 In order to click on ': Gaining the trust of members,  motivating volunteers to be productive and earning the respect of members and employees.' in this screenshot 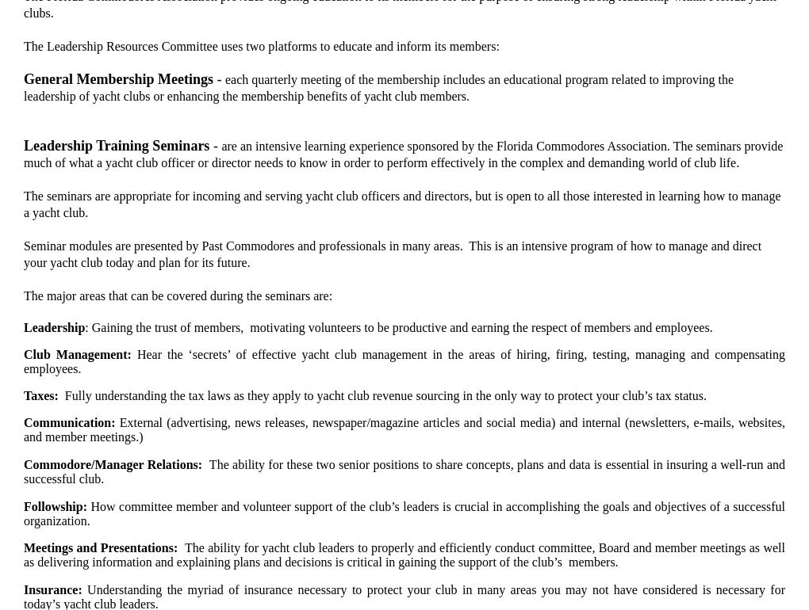, I will do `click(398, 326)`.